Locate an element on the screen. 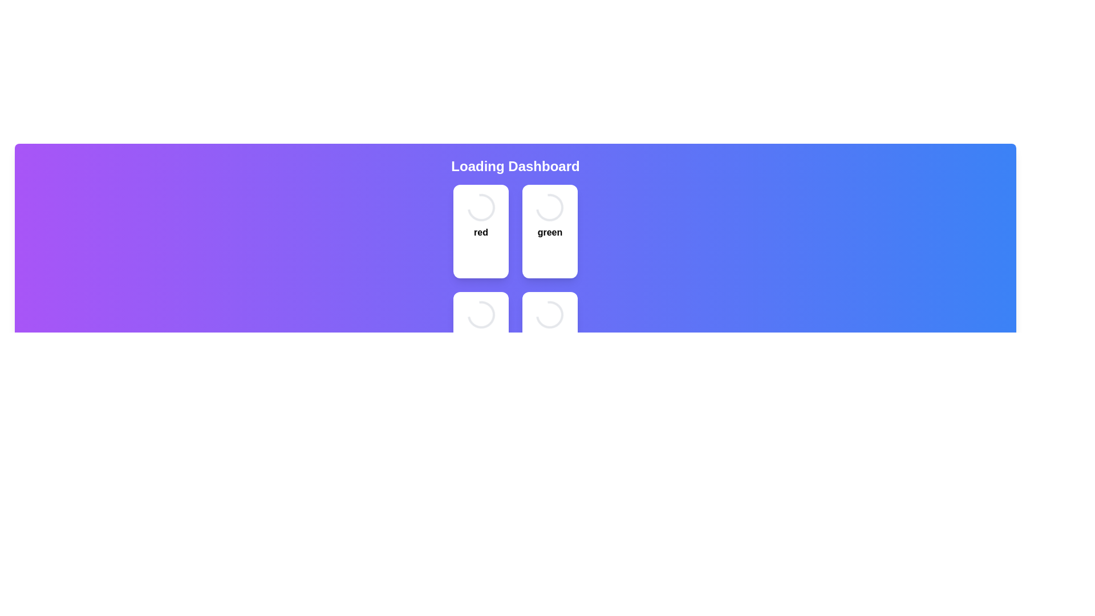  the text element displaying the word 'red', which is bold and colored red, located beneath a circular spinner and above the 'Stop' button is located at coordinates (481, 232).